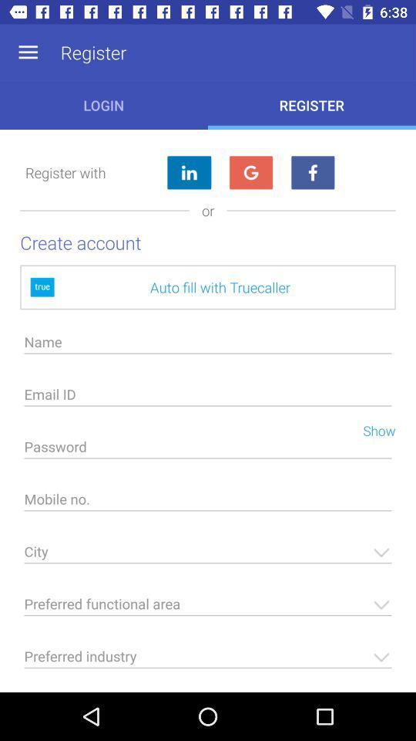  Describe the element at coordinates (208, 398) in the screenshot. I see `your email id` at that location.